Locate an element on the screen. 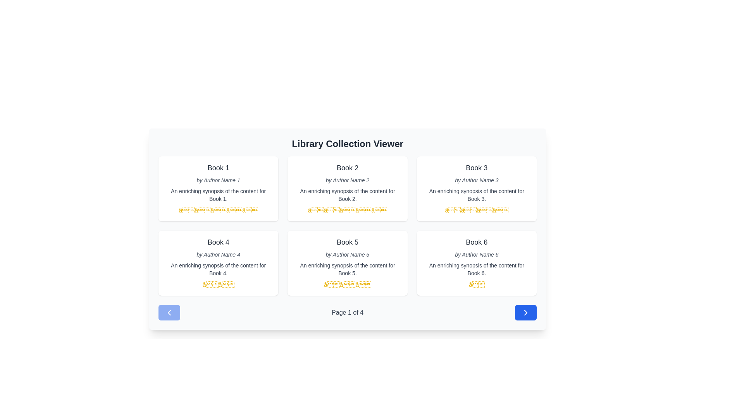 The height and width of the screenshot is (418, 744). the fourth card in the grid layout that displays book-related information is located at coordinates (218, 262).